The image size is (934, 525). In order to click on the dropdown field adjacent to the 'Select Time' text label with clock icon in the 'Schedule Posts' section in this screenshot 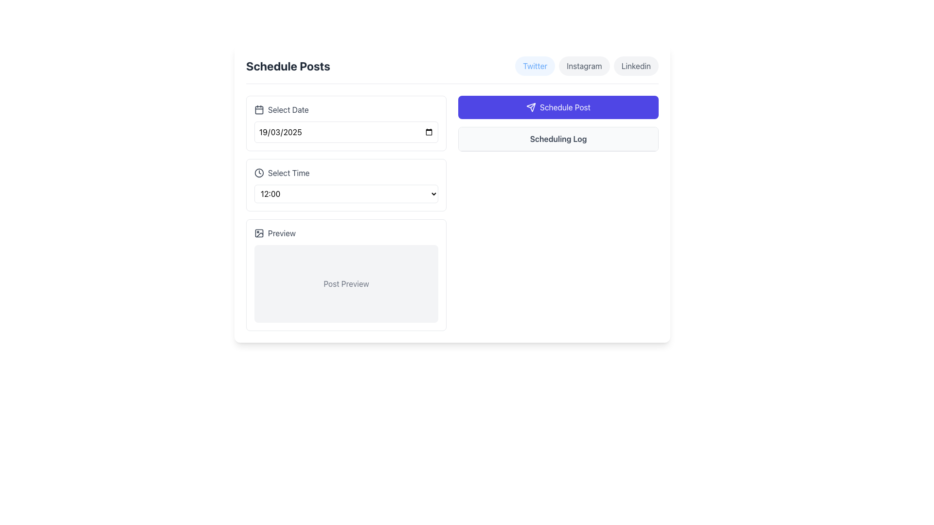, I will do `click(346, 172)`.